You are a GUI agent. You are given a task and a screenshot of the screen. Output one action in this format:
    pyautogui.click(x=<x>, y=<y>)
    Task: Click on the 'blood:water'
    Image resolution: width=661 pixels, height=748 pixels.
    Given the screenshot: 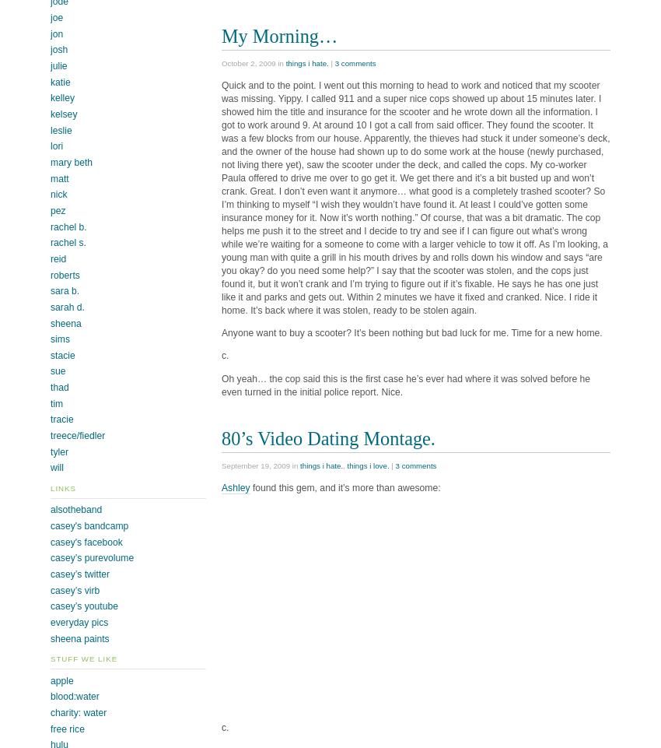 What is the action you would take?
    pyautogui.click(x=73, y=695)
    